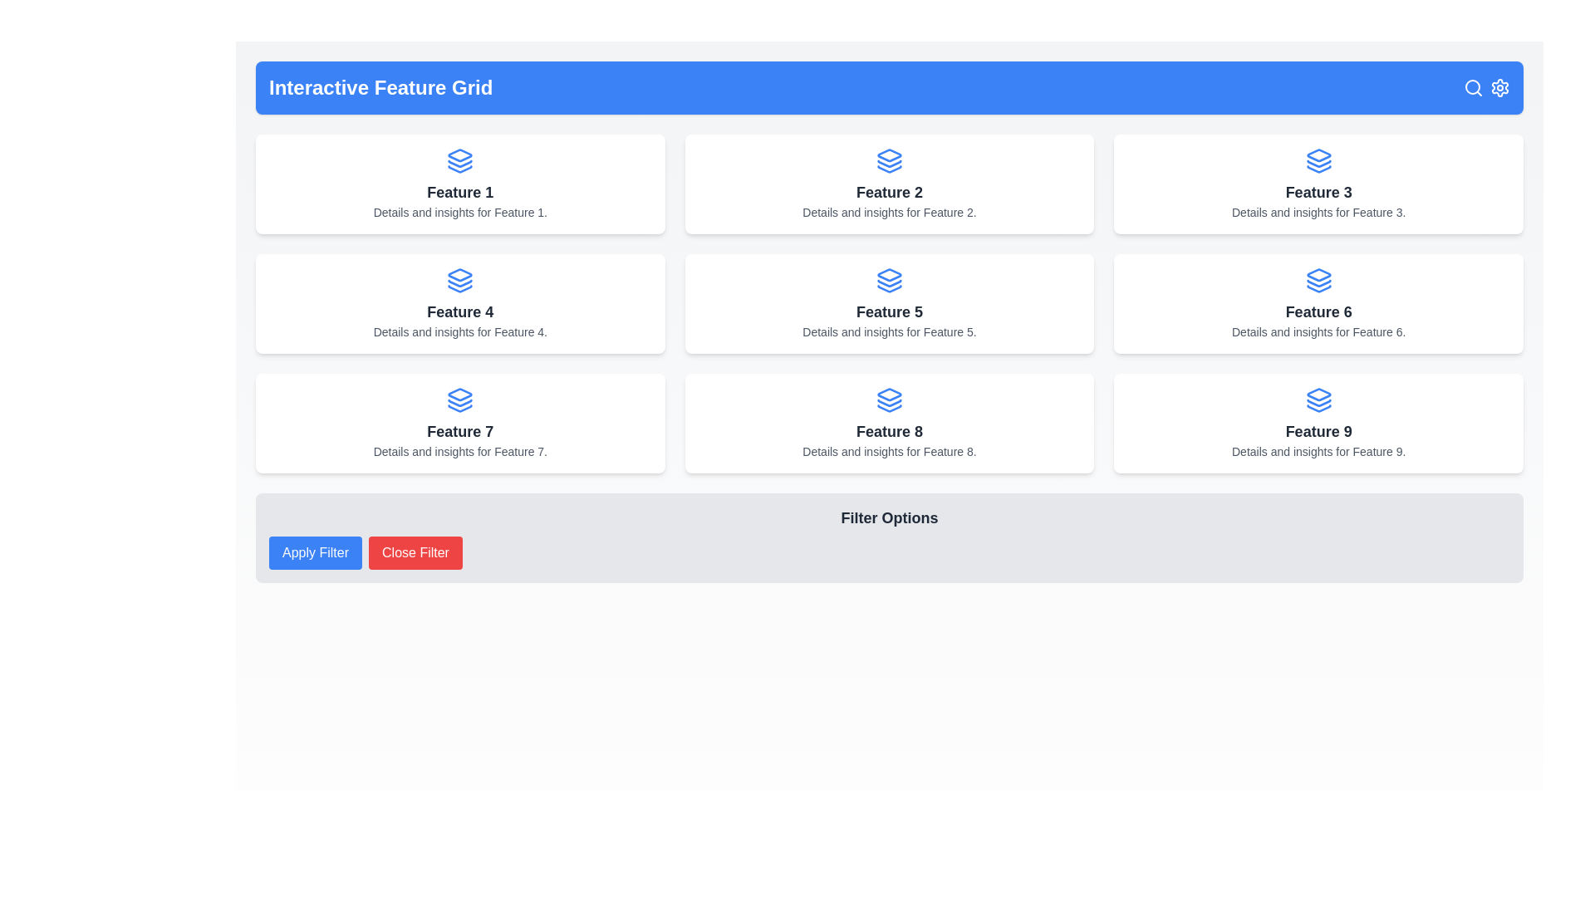 This screenshot has height=897, width=1595. I want to click on the first card component in the grid, which displays 'Feature 1' and is located in the top-left corner, so click(460, 184).